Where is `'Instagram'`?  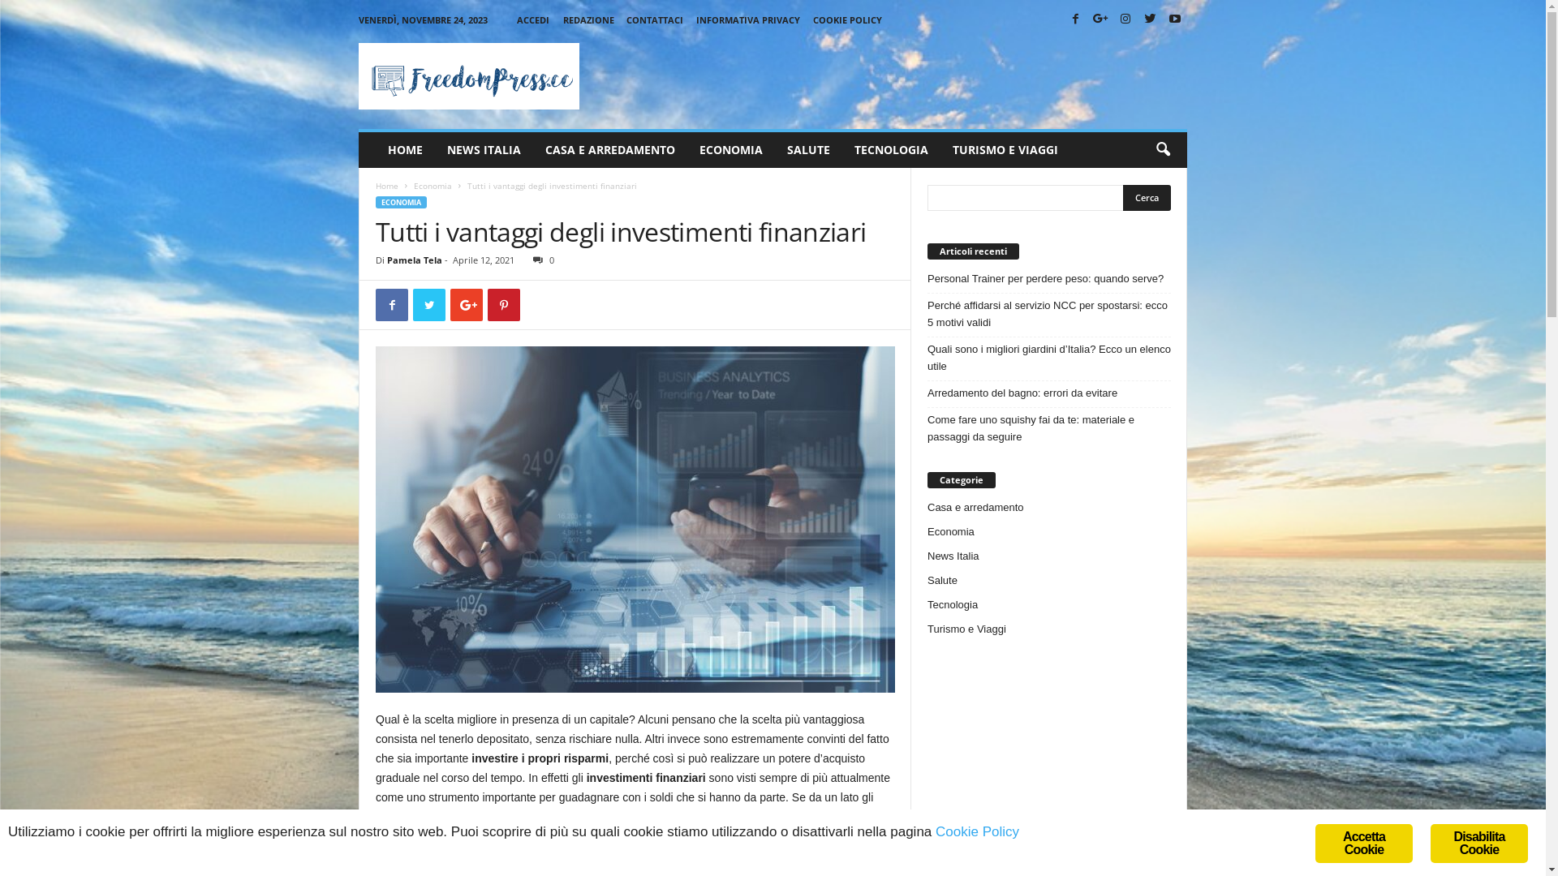
'Instagram' is located at coordinates (1125, 19).